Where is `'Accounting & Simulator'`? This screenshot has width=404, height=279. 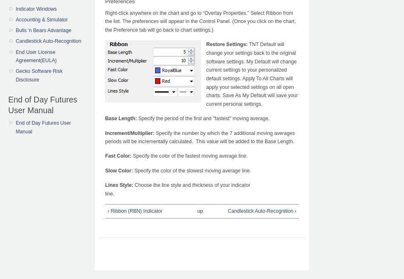
'Accounting & Simulator' is located at coordinates (42, 19).